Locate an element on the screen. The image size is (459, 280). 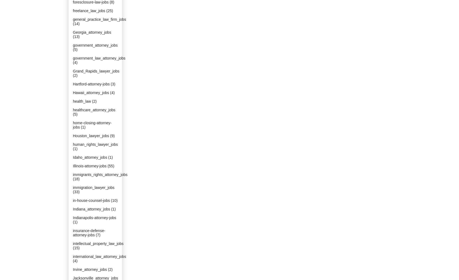
'(14)' is located at coordinates (76, 23).